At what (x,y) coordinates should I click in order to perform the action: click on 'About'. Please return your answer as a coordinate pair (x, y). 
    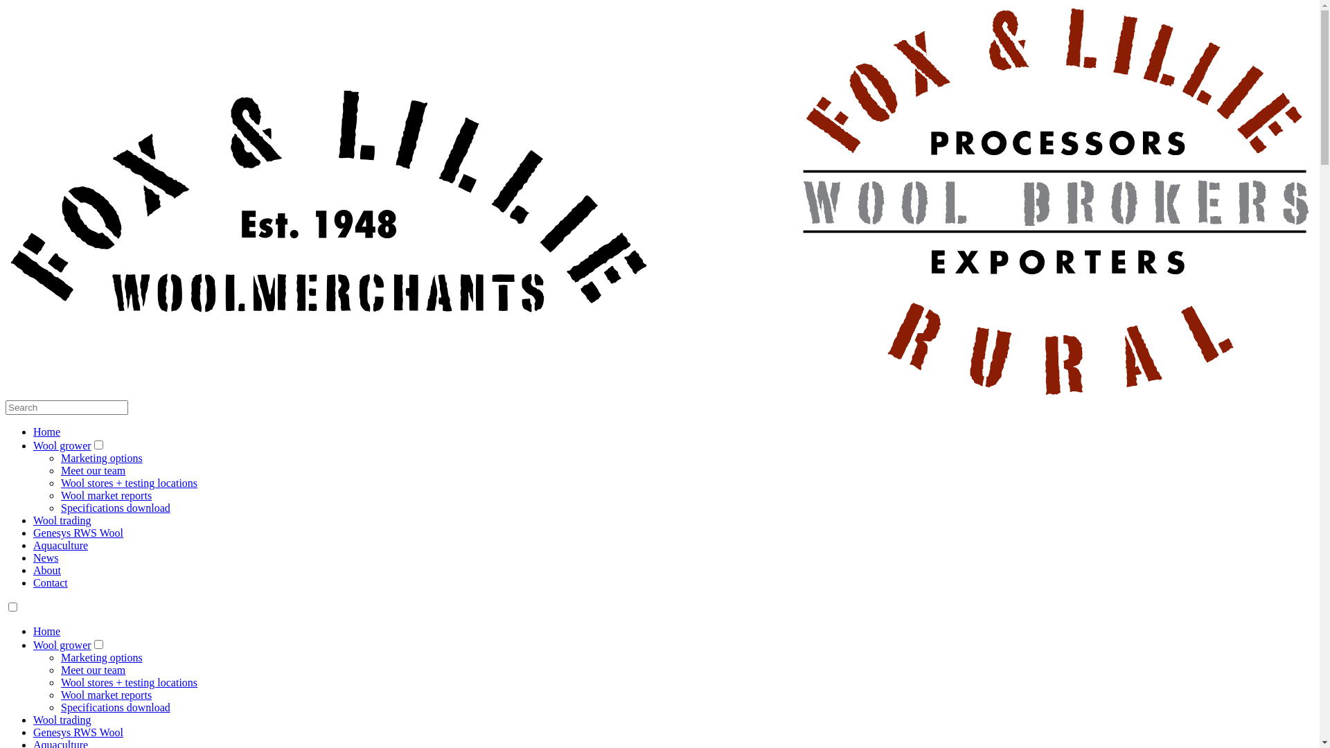
    Looking at the image, I should click on (33, 570).